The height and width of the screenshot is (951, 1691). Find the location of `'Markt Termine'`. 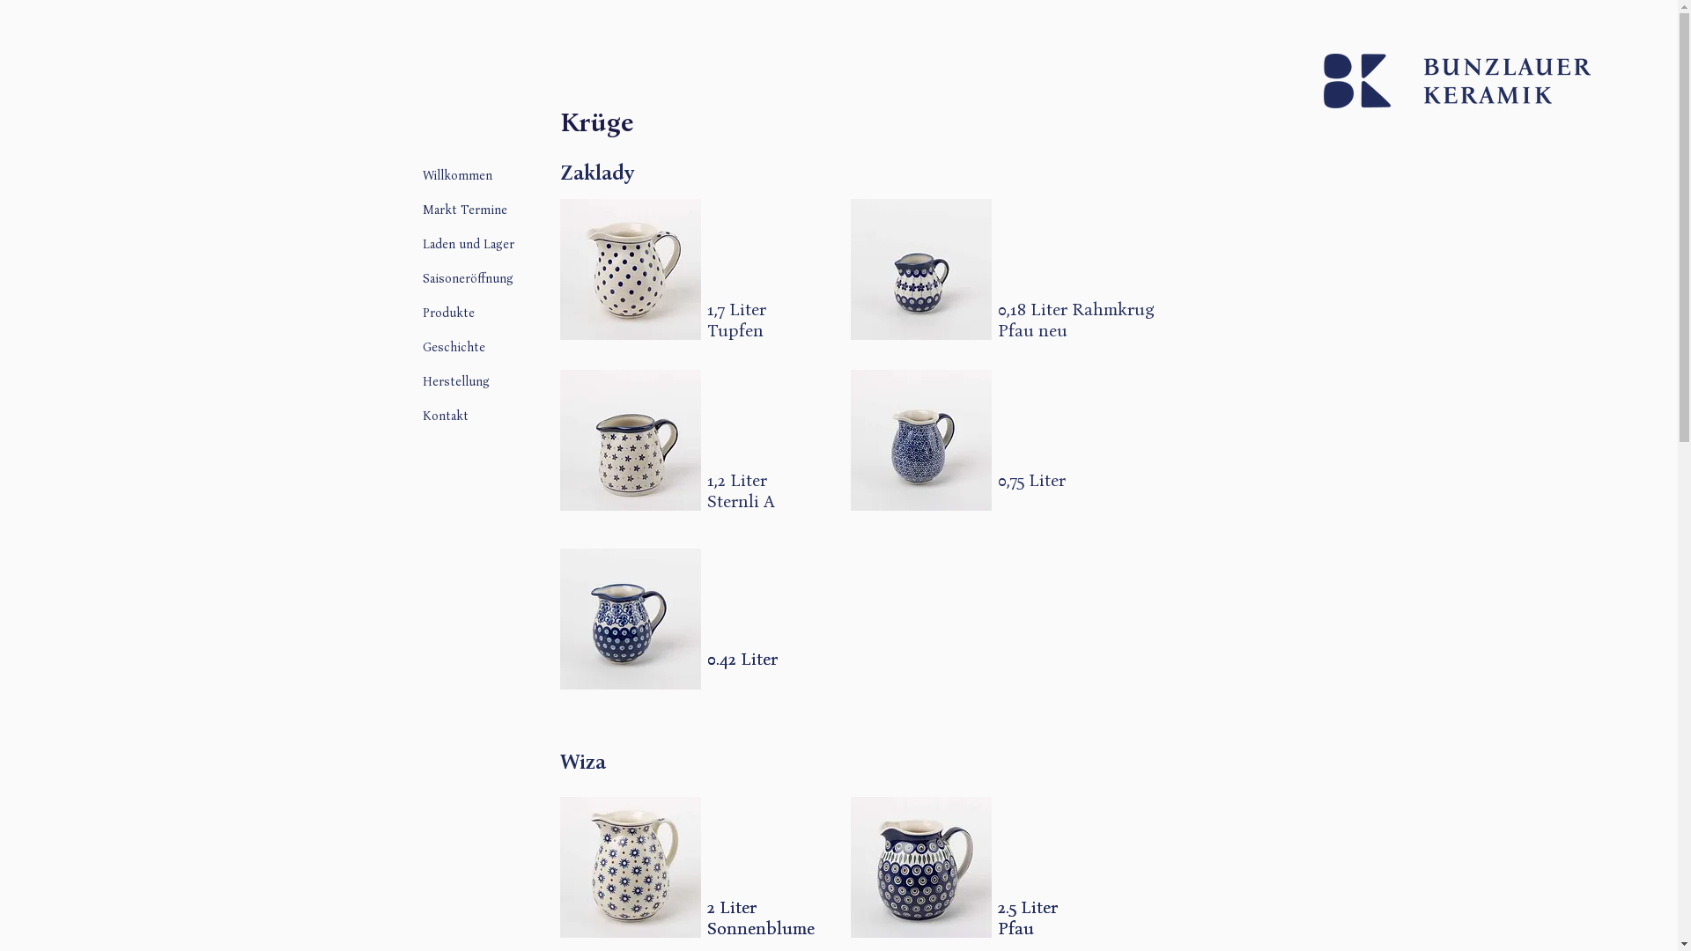

'Markt Termine' is located at coordinates (423, 208).